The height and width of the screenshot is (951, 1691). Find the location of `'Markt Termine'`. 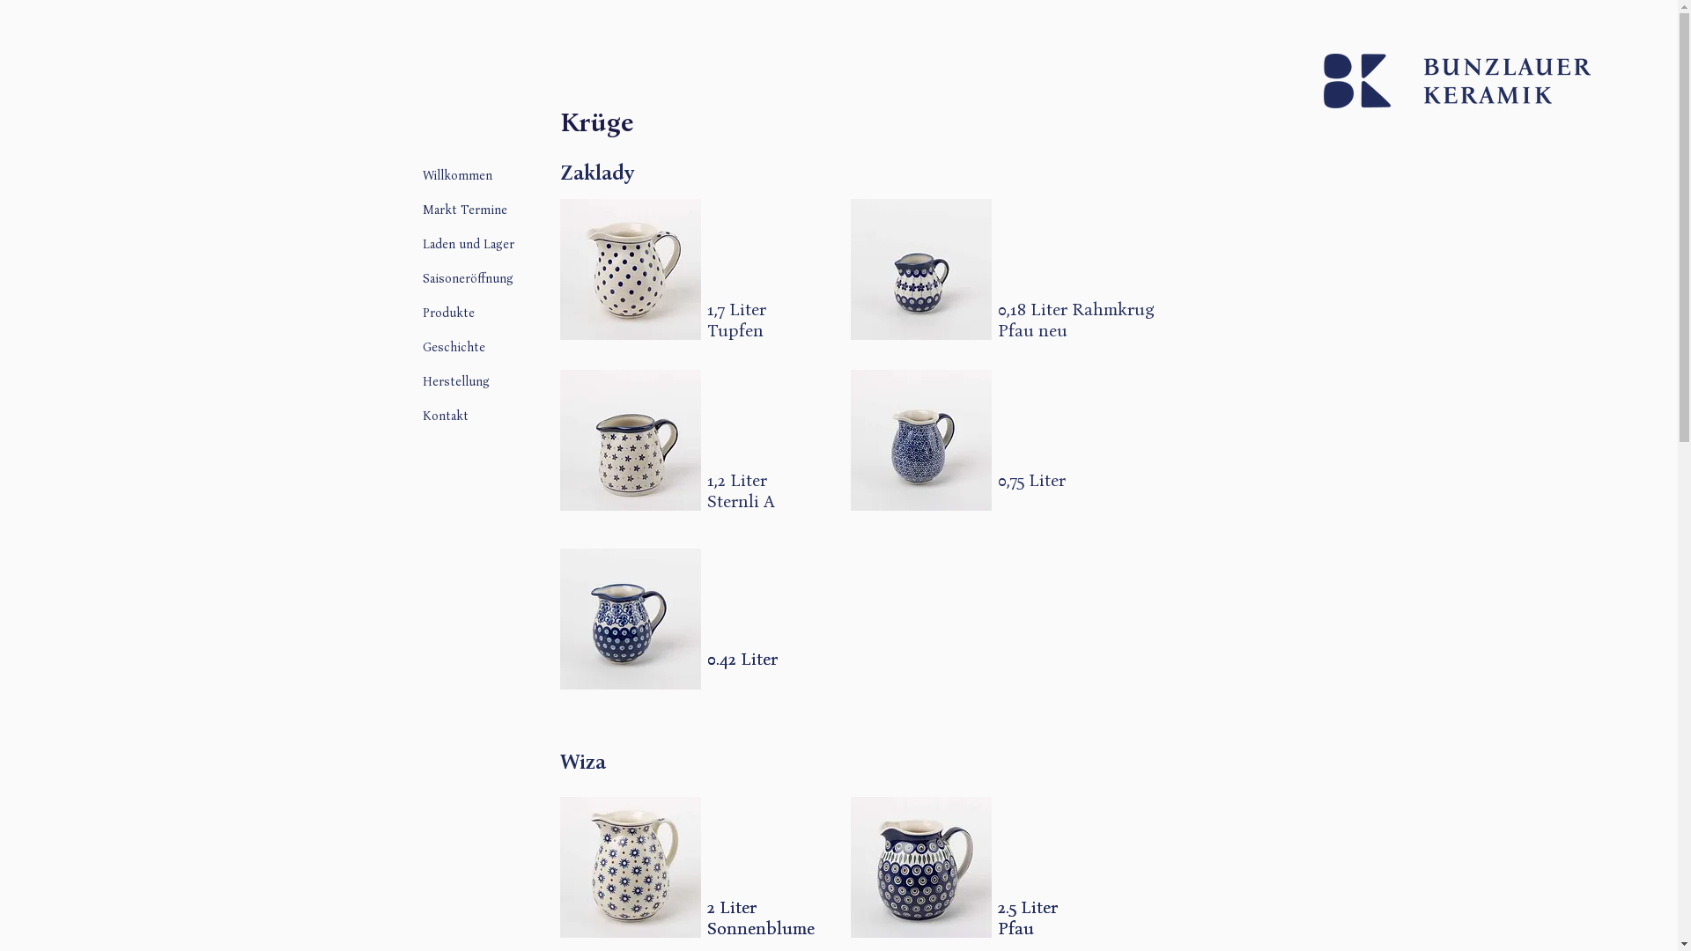

'Markt Termine' is located at coordinates (423, 208).